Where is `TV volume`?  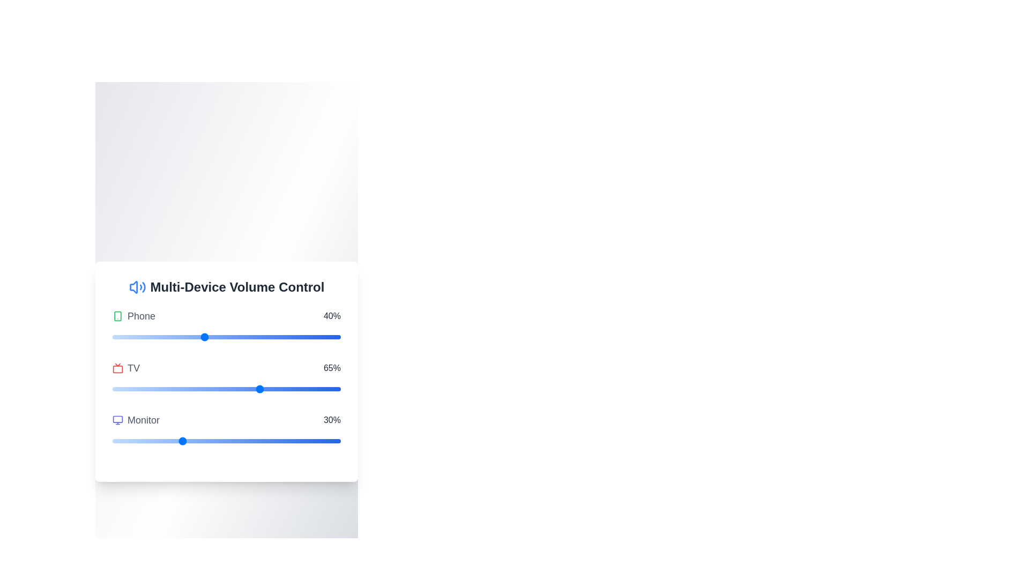 TV volume is located at coordinates (206, 389).